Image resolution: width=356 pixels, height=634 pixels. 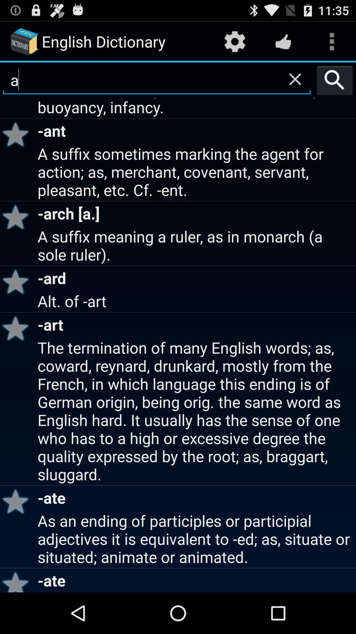 I want to click on the three dotted icon at the top right of the page, so click(x=332, y=41).